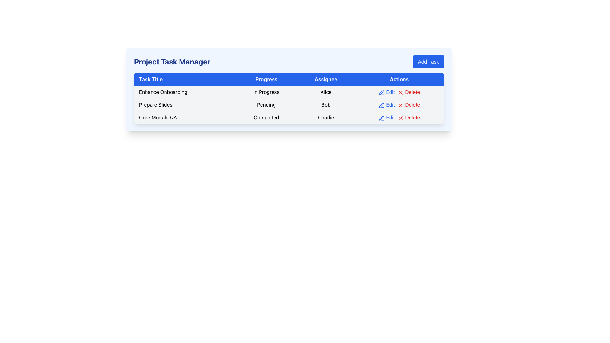  What do you see at coordinates (184, 92) in the screenshot?
I see `the text element labeled 'Enhance Onboarding', which identifies the specific task in the task management interface under the header 'Task Title'` at bounding box center [184, 92].